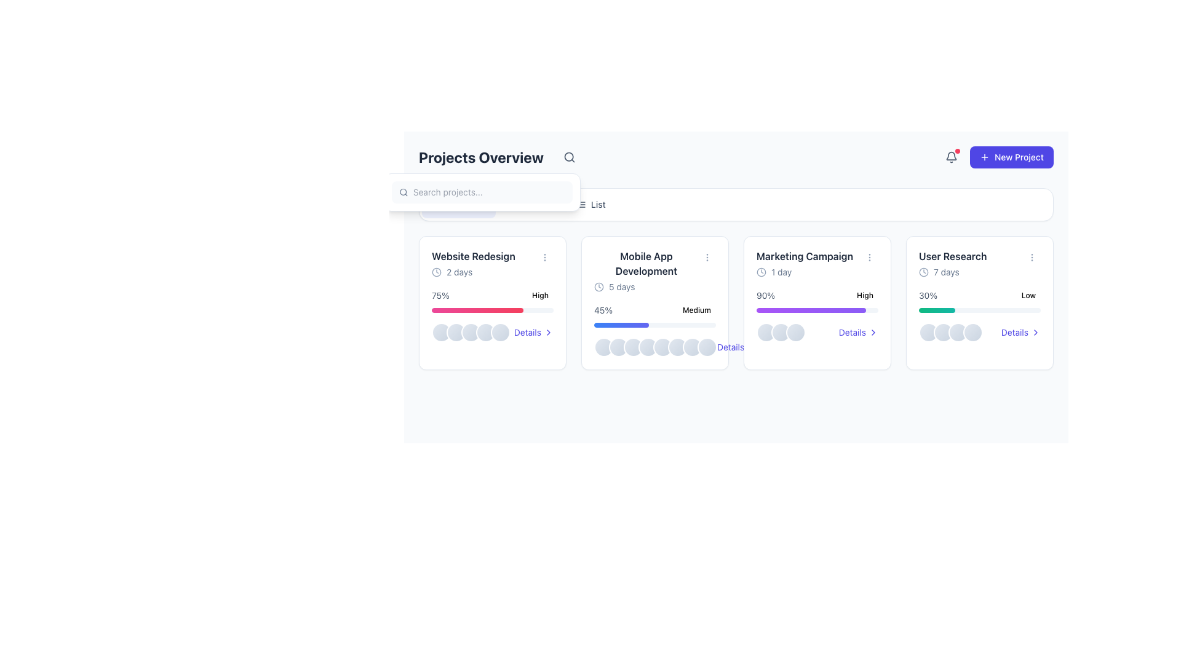  Describe the element at coordinates (437, 272) in the screenshot. I see `the visual cue of time represented by the icon located in the header section of the 'Website Redesign' card, positioned to the left of the text '2 days'` at that location.